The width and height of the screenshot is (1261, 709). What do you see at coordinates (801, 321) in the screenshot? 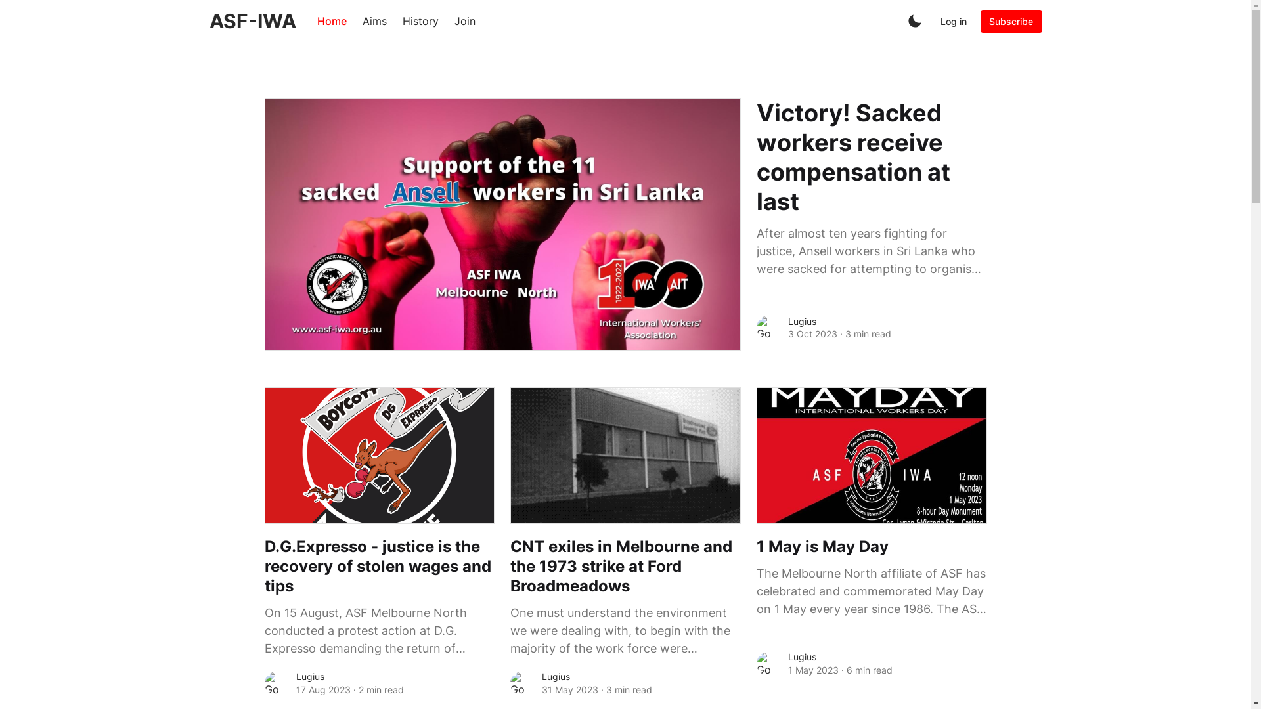
I see `'Lugius'` at bounding box center [801, 321].